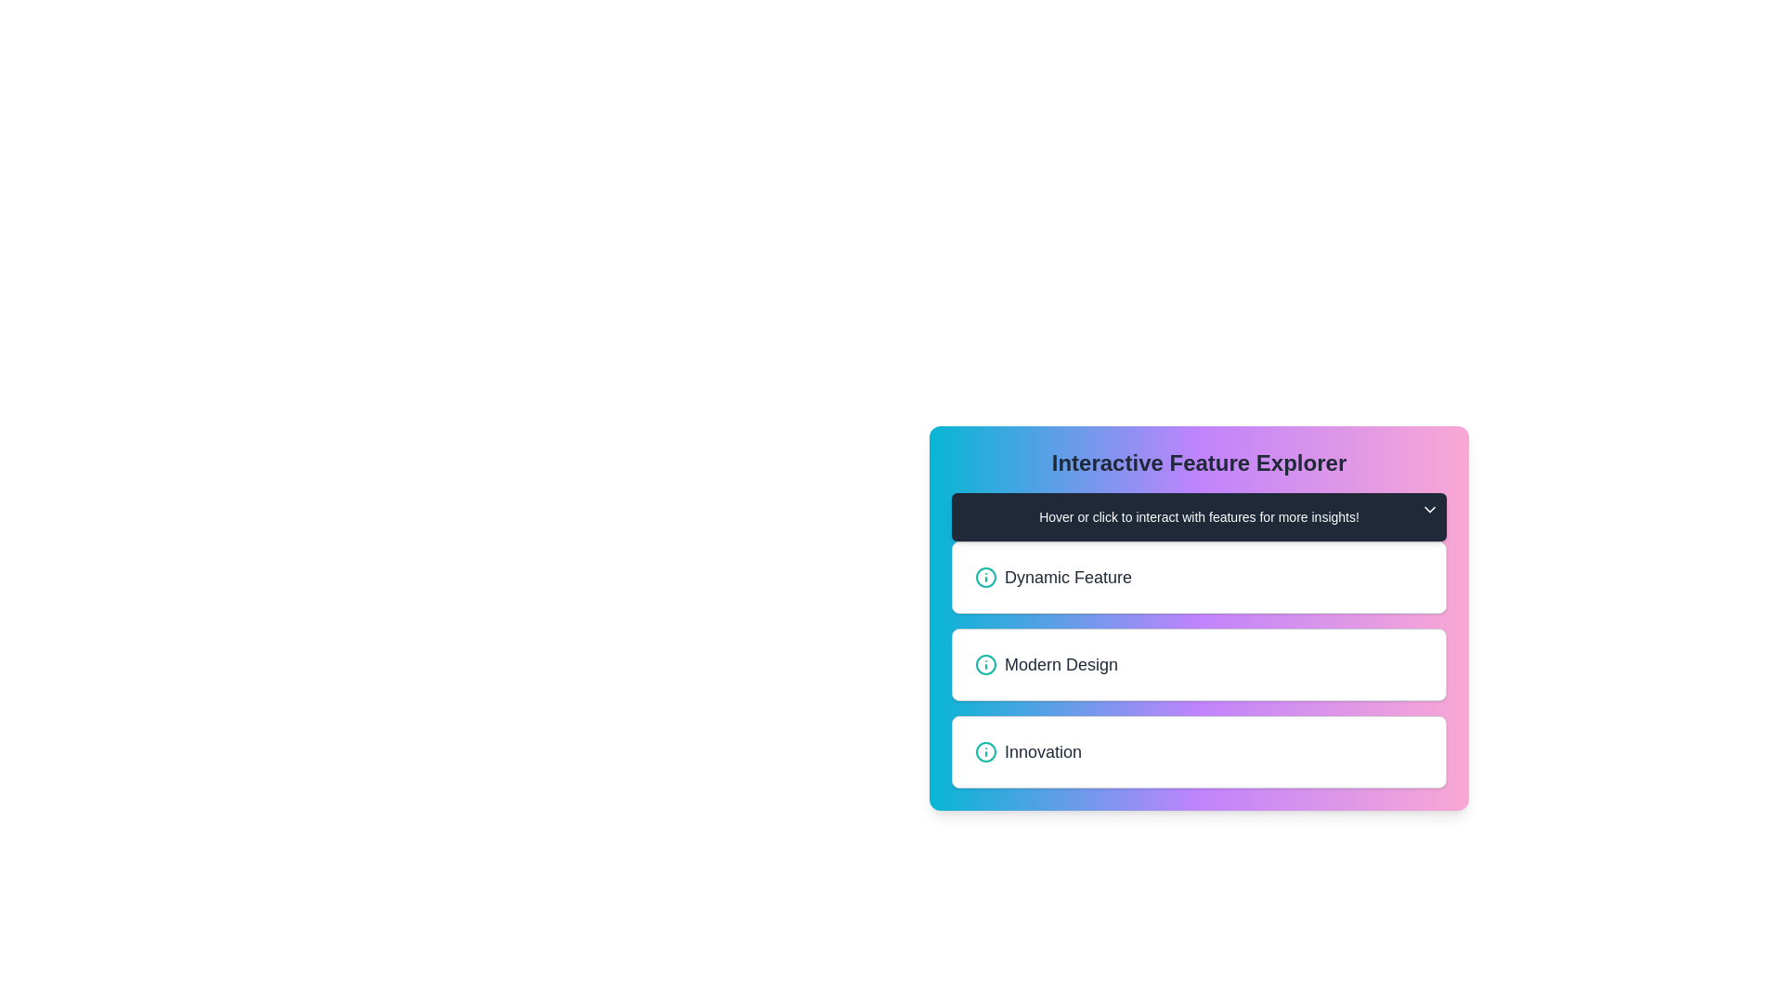  What do you see at coordinates (1068, 576) in the screenshot?
I see `text label styled as a heading displaying 'Dynamic Feature', which is prominently placed in dark gray and aligned horizontally next to an informational icon` at bounding box center [1068, 576].